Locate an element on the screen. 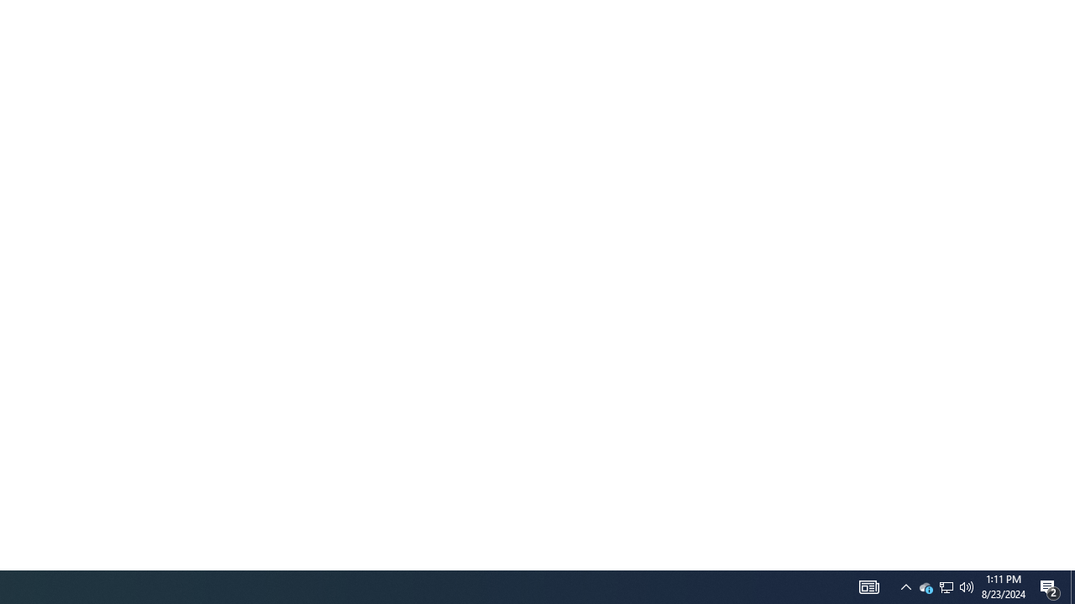  'Action Center, 2 new notifications' is located at coordinates (1072, 586).